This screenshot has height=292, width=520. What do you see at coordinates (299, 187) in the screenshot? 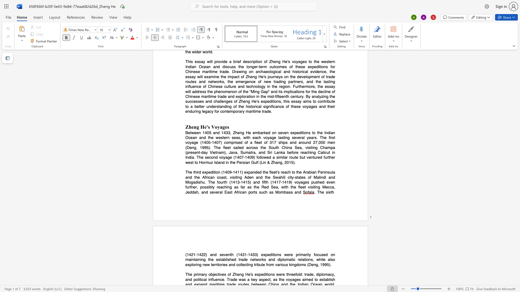
I see `the subset text "leet visiting Mecca, Jeddah, and several Eas" within the text "as far as the Red Sea, with the fleet visiting Mecca, Jeddah, and several East African ports such as Mombasa and"` at bounding box center [299, 187].